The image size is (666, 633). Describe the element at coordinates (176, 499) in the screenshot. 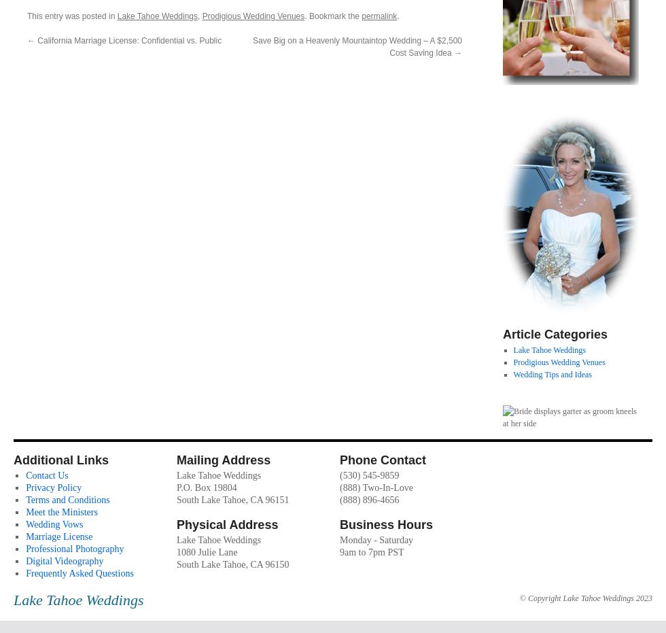

I see `'South Lake Tahoe, CA 96151'` at that location.